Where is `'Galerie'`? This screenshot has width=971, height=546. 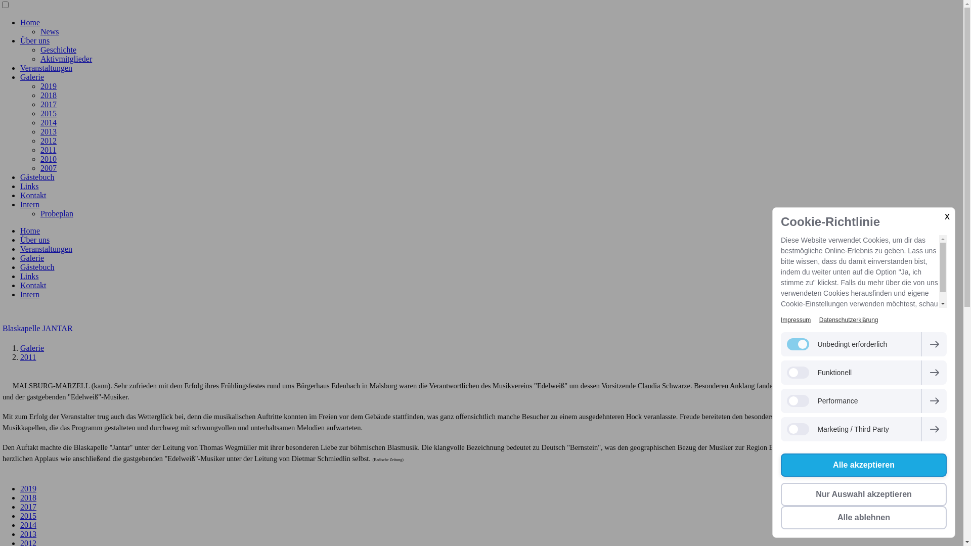 'Galerie' is located at coordinates (32, 347).